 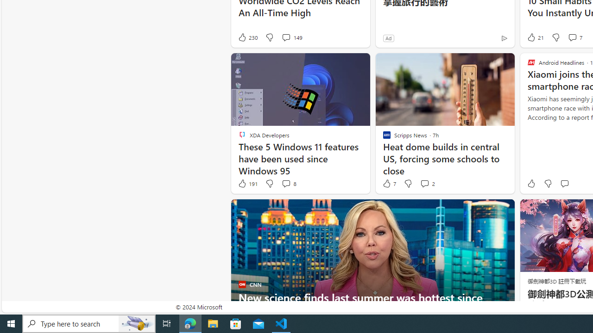 I want to click on '7 Like', so click(x=389, y=184).